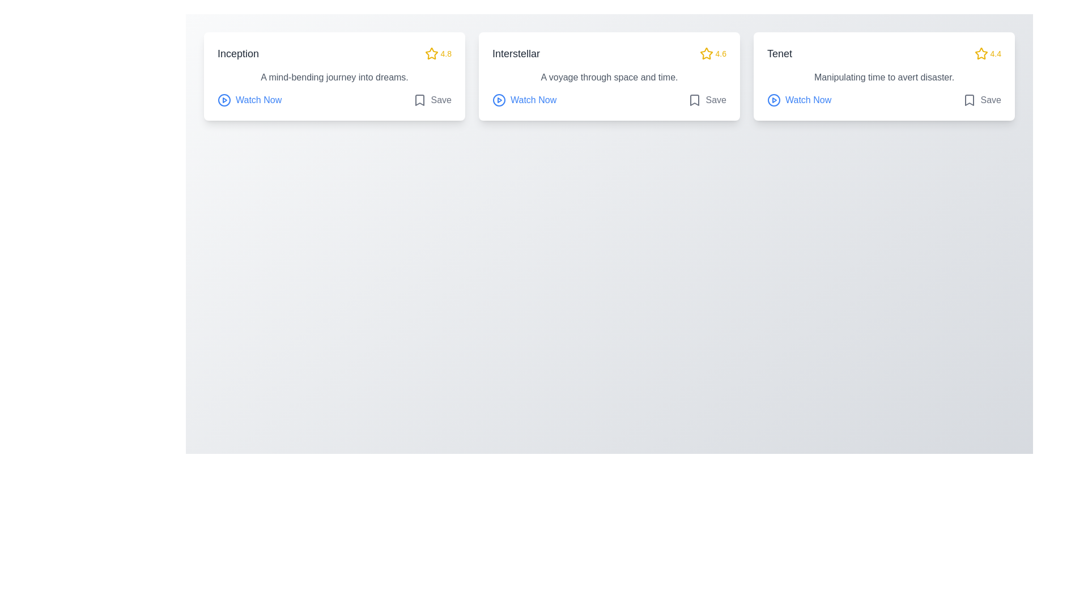 Image resolution: width=1088 pixels, height=612 pixels. I want to click on the SVG circle element that serves as the decorative boundary of the play button for the movie 'Tenet', so click(773, 100).